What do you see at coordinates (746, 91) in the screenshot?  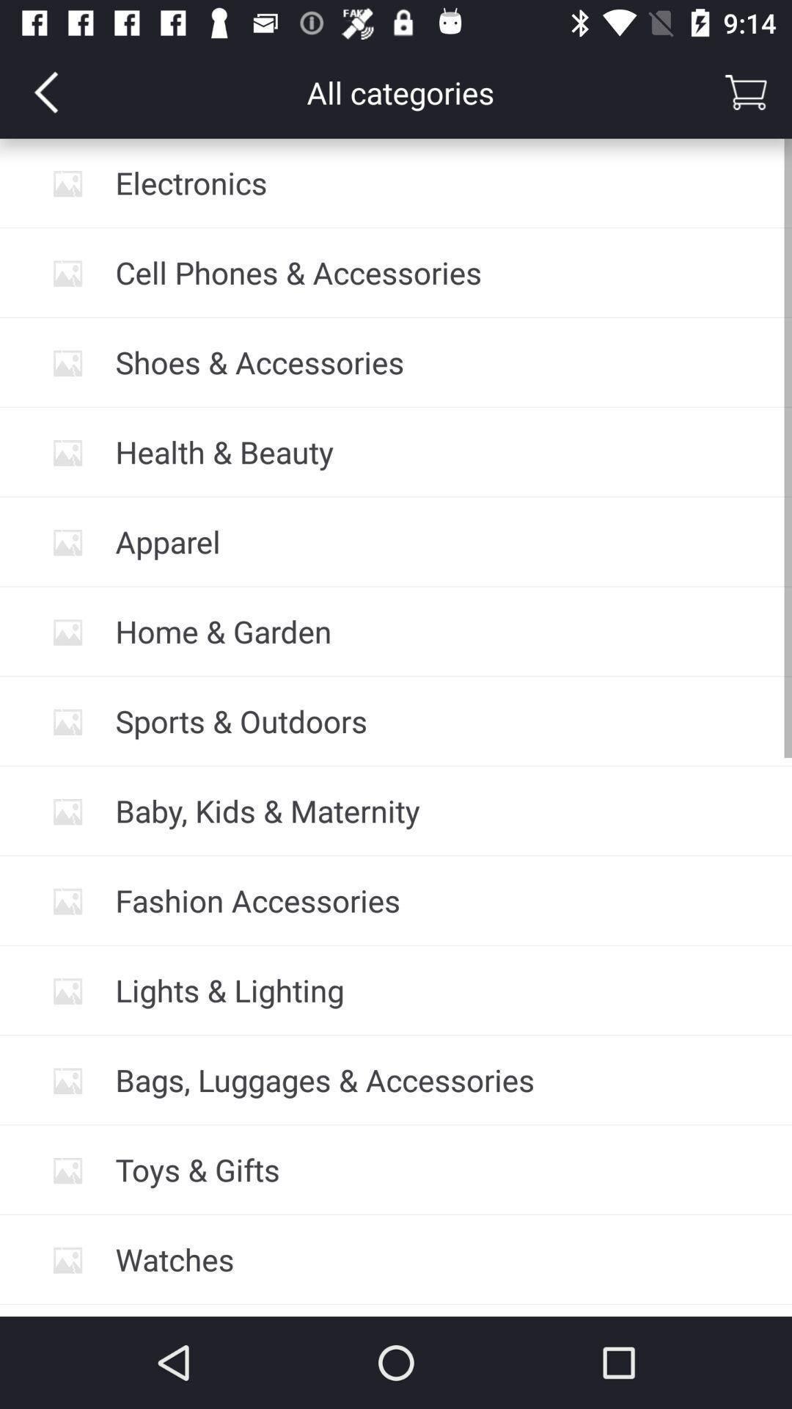 I see `basket` at bounding box center [746, 91].